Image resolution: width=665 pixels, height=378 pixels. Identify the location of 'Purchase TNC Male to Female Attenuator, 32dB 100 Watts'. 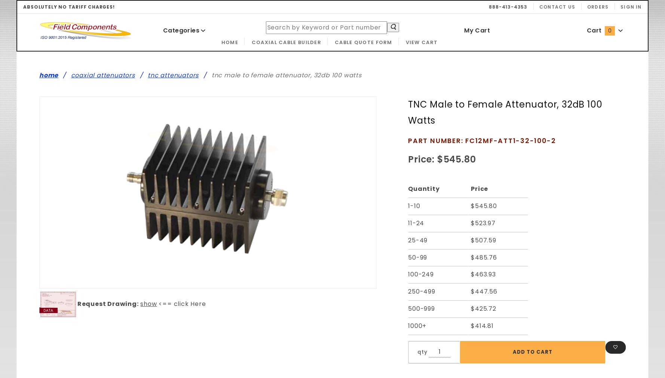
(406, 127).